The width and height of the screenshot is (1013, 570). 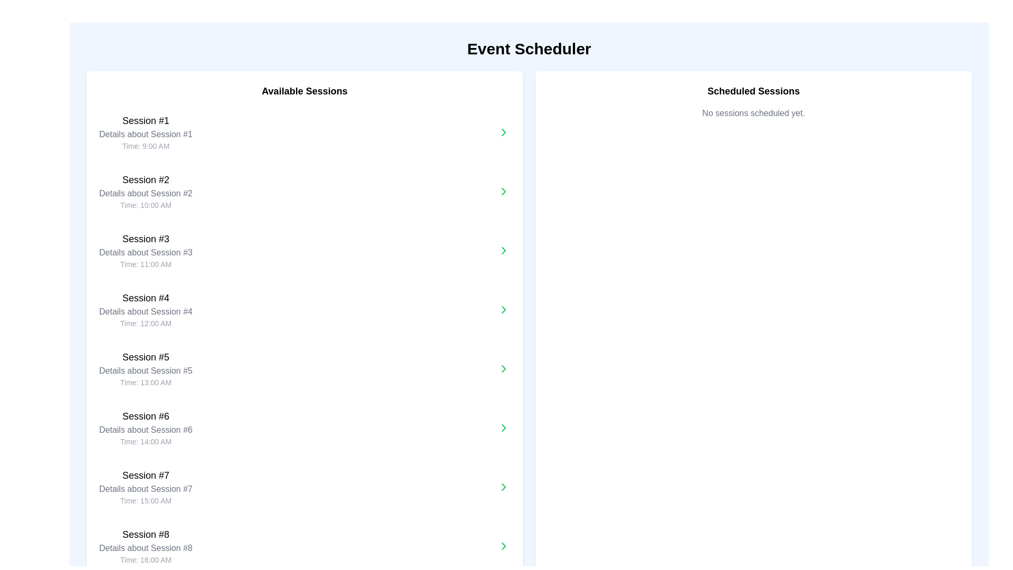 What do you see at coordinates (145, 416) in the screenshot?
I see `the static text label that identifies the sixth session in the event scheduler, located in the 'Available Sessions' column` at bounding box center [145, 416].